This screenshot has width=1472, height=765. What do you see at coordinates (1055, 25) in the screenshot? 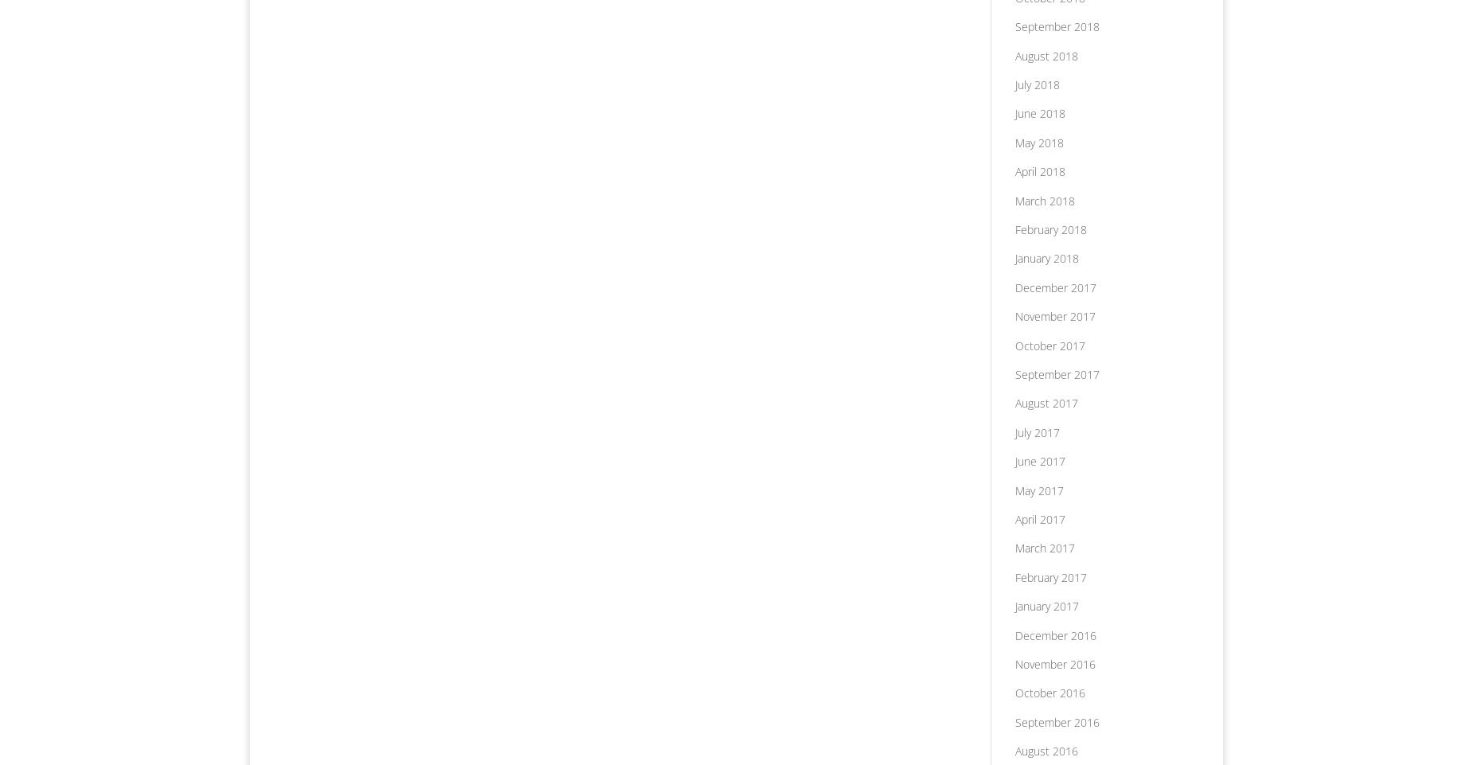
I see `'September 2018'` at bounding box center [1055, 25].